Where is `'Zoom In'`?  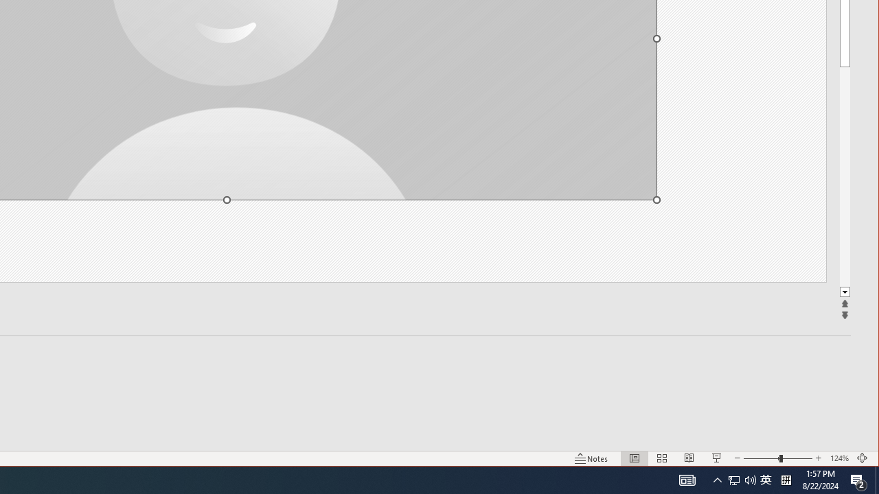 'Zoom In' is located at coordinates (818, 458).